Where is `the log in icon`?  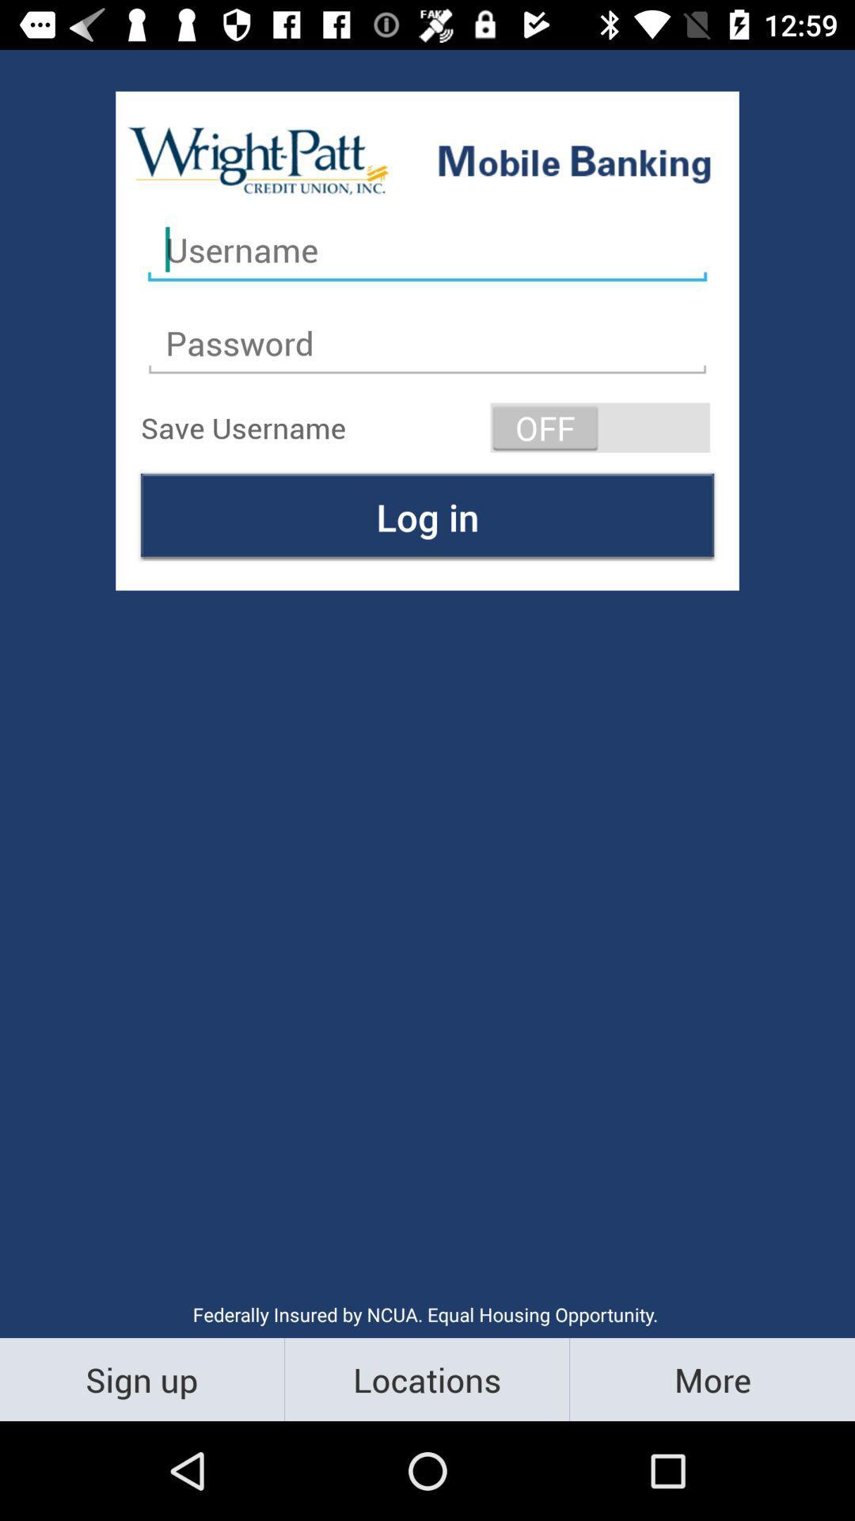 the log in icon is located at coordinates (427, 517).